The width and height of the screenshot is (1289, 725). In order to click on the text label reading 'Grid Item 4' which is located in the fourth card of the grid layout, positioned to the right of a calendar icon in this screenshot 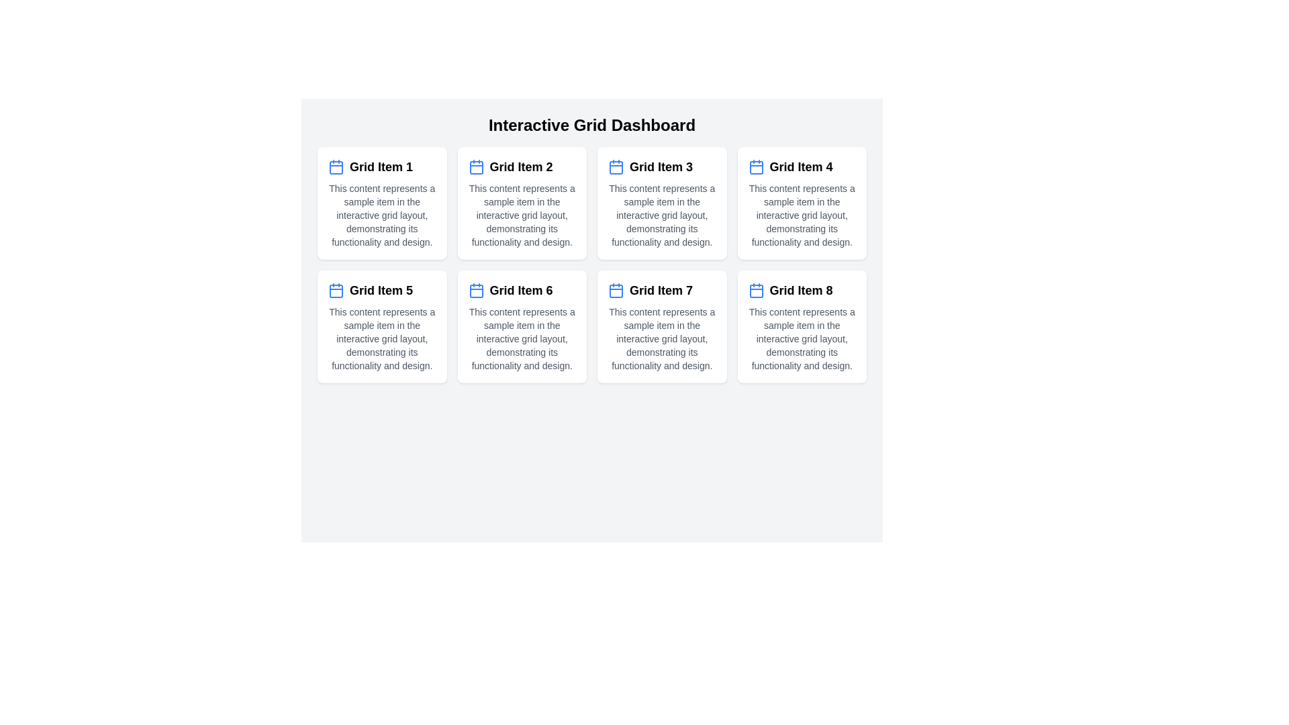, I will do `click(801, 166)`.